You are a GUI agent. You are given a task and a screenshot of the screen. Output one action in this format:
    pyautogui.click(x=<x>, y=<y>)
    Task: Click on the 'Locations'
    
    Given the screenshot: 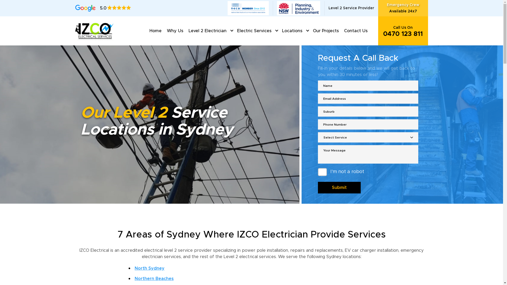 What is the action you would take?
    pyautogui.click(x=292, y=31)
    